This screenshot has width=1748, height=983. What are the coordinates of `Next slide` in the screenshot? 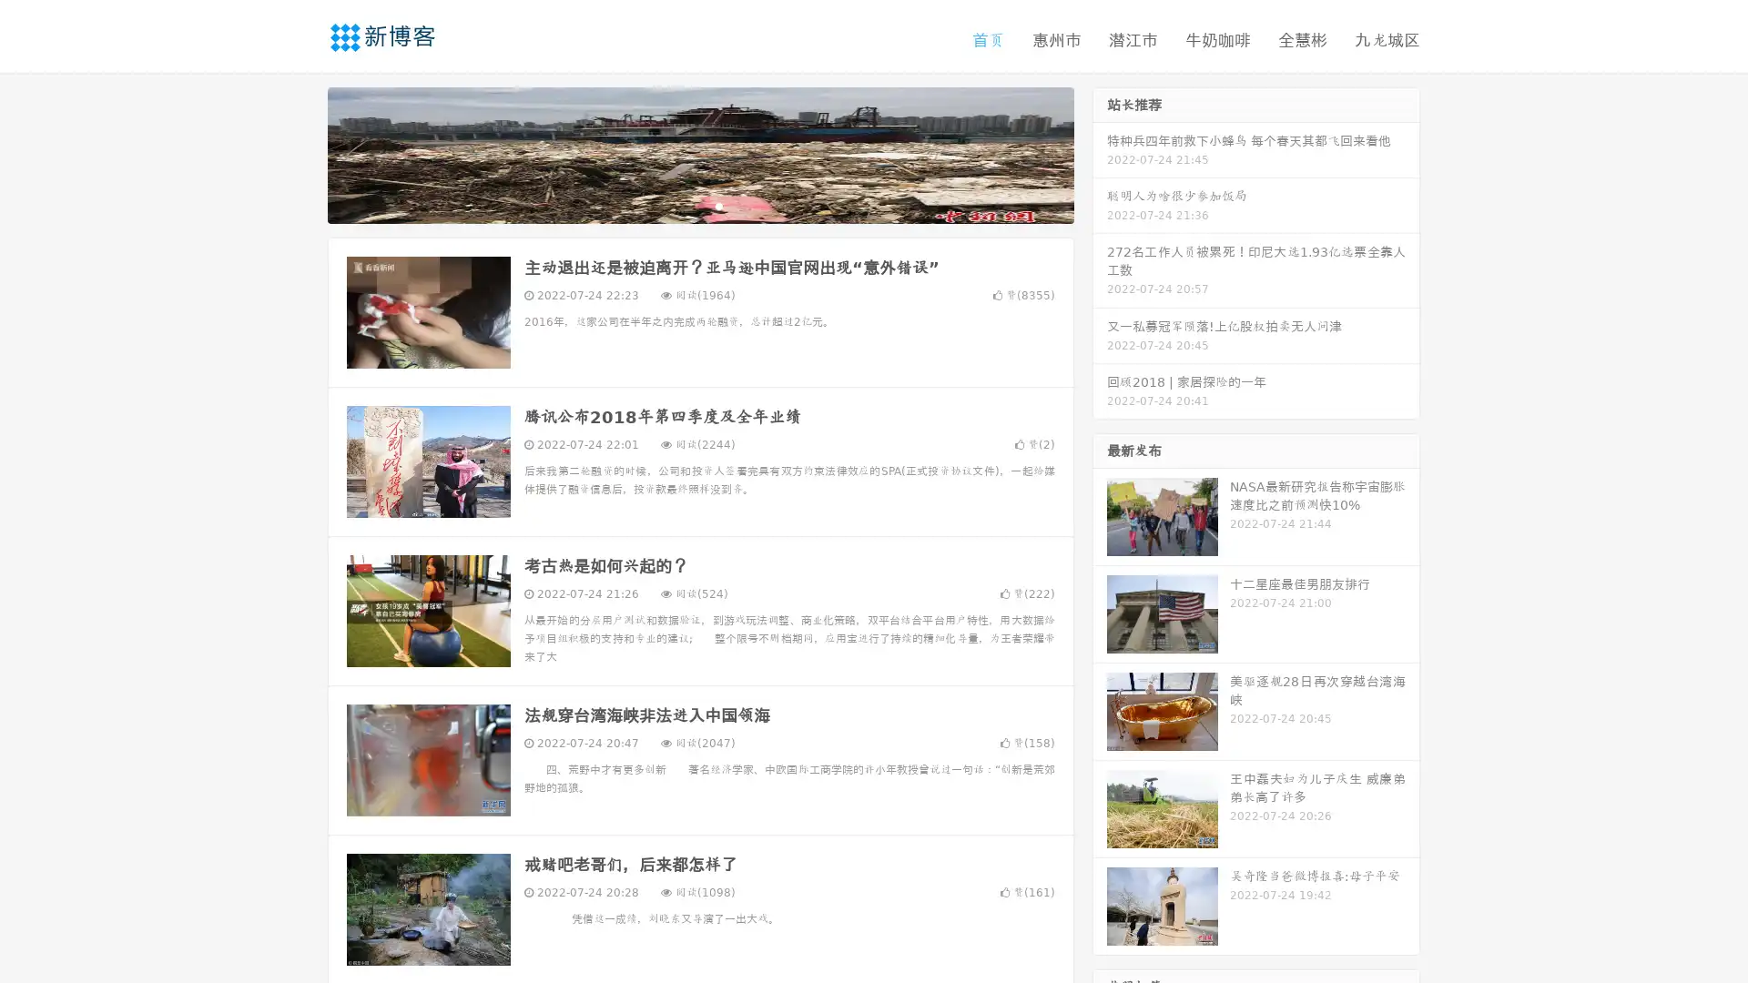 It's located at (1100, 153).